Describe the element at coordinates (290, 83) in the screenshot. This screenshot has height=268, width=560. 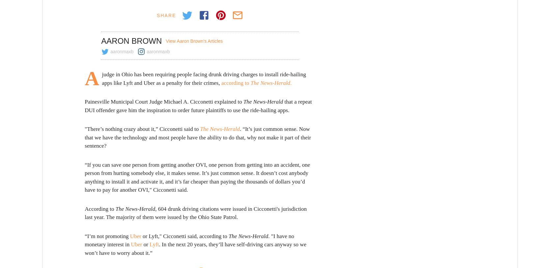
I see `'.'` at that location.